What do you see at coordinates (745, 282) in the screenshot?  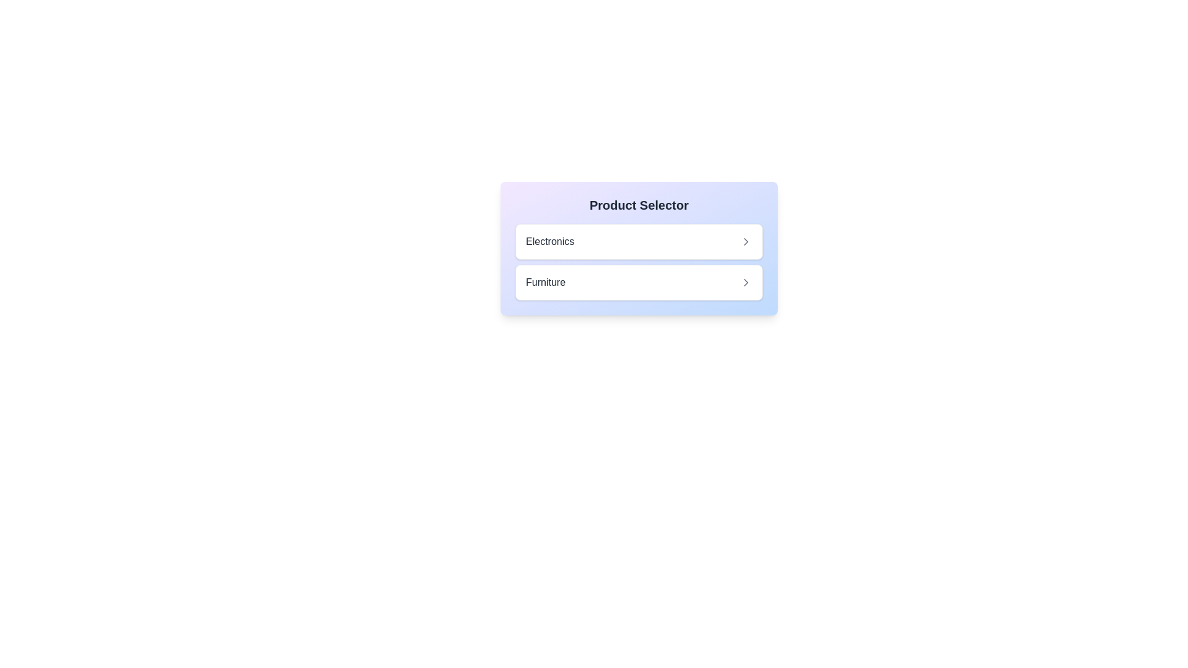 I see `the 'Furniture' icon located at the top-right corner of the second row in the list` at bounding box center [745, 282].